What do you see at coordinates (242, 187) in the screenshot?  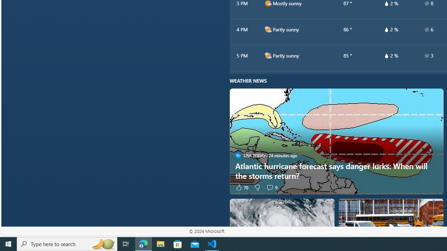 I see `'70 Like'` at bounding box center [242, 187].